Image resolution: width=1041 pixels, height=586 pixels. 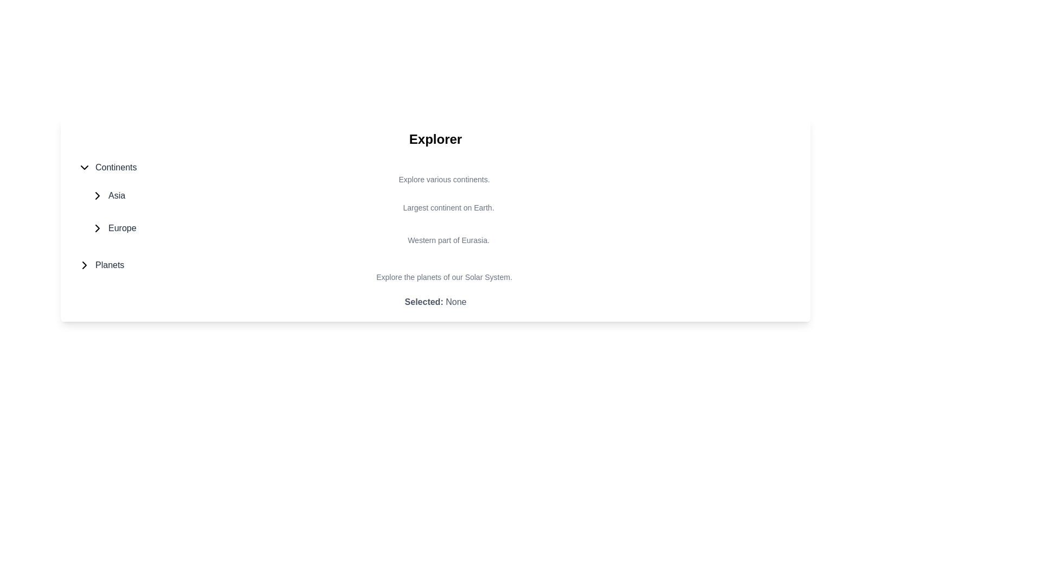 I want to click on the rightward-point arrow icon located to the left of the 'Planets' text, so click(x=84, y=265).